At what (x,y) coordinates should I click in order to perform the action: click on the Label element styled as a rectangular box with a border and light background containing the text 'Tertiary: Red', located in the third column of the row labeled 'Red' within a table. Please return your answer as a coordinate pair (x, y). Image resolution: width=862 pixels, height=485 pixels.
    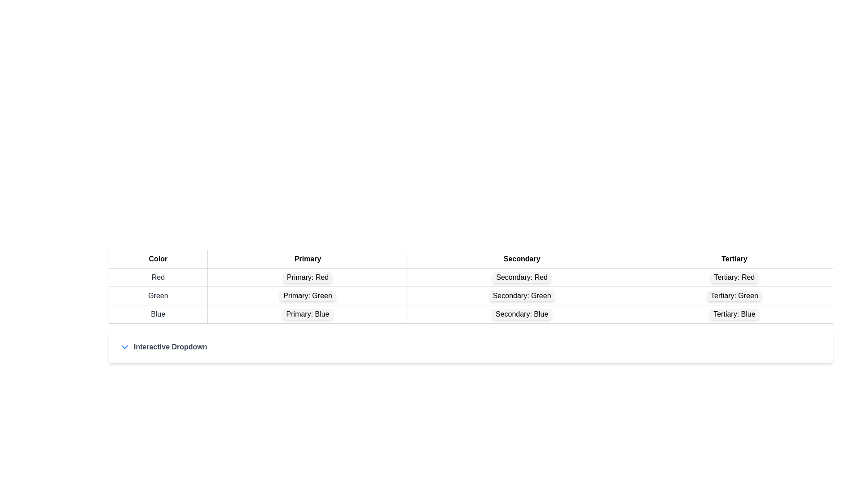
    Looking at the image, I should click on (734, 277).